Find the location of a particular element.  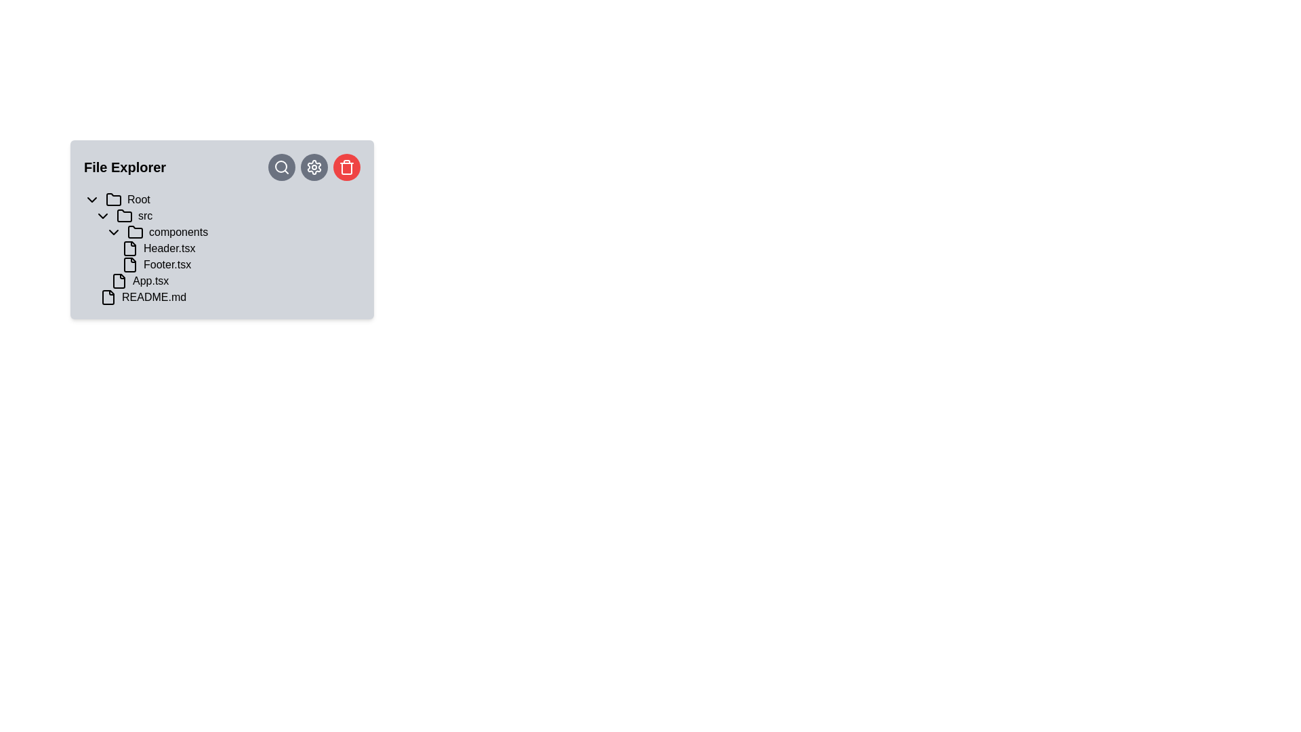

the central gear icon is located at coordinates (314, 166).